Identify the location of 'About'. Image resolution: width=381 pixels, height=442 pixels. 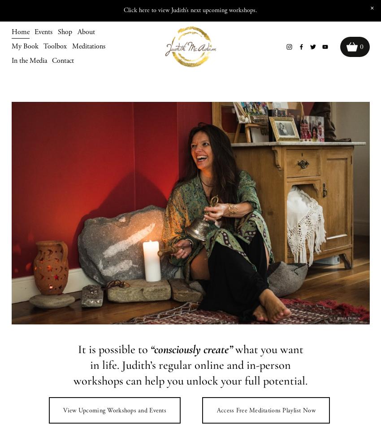
(77, 31).